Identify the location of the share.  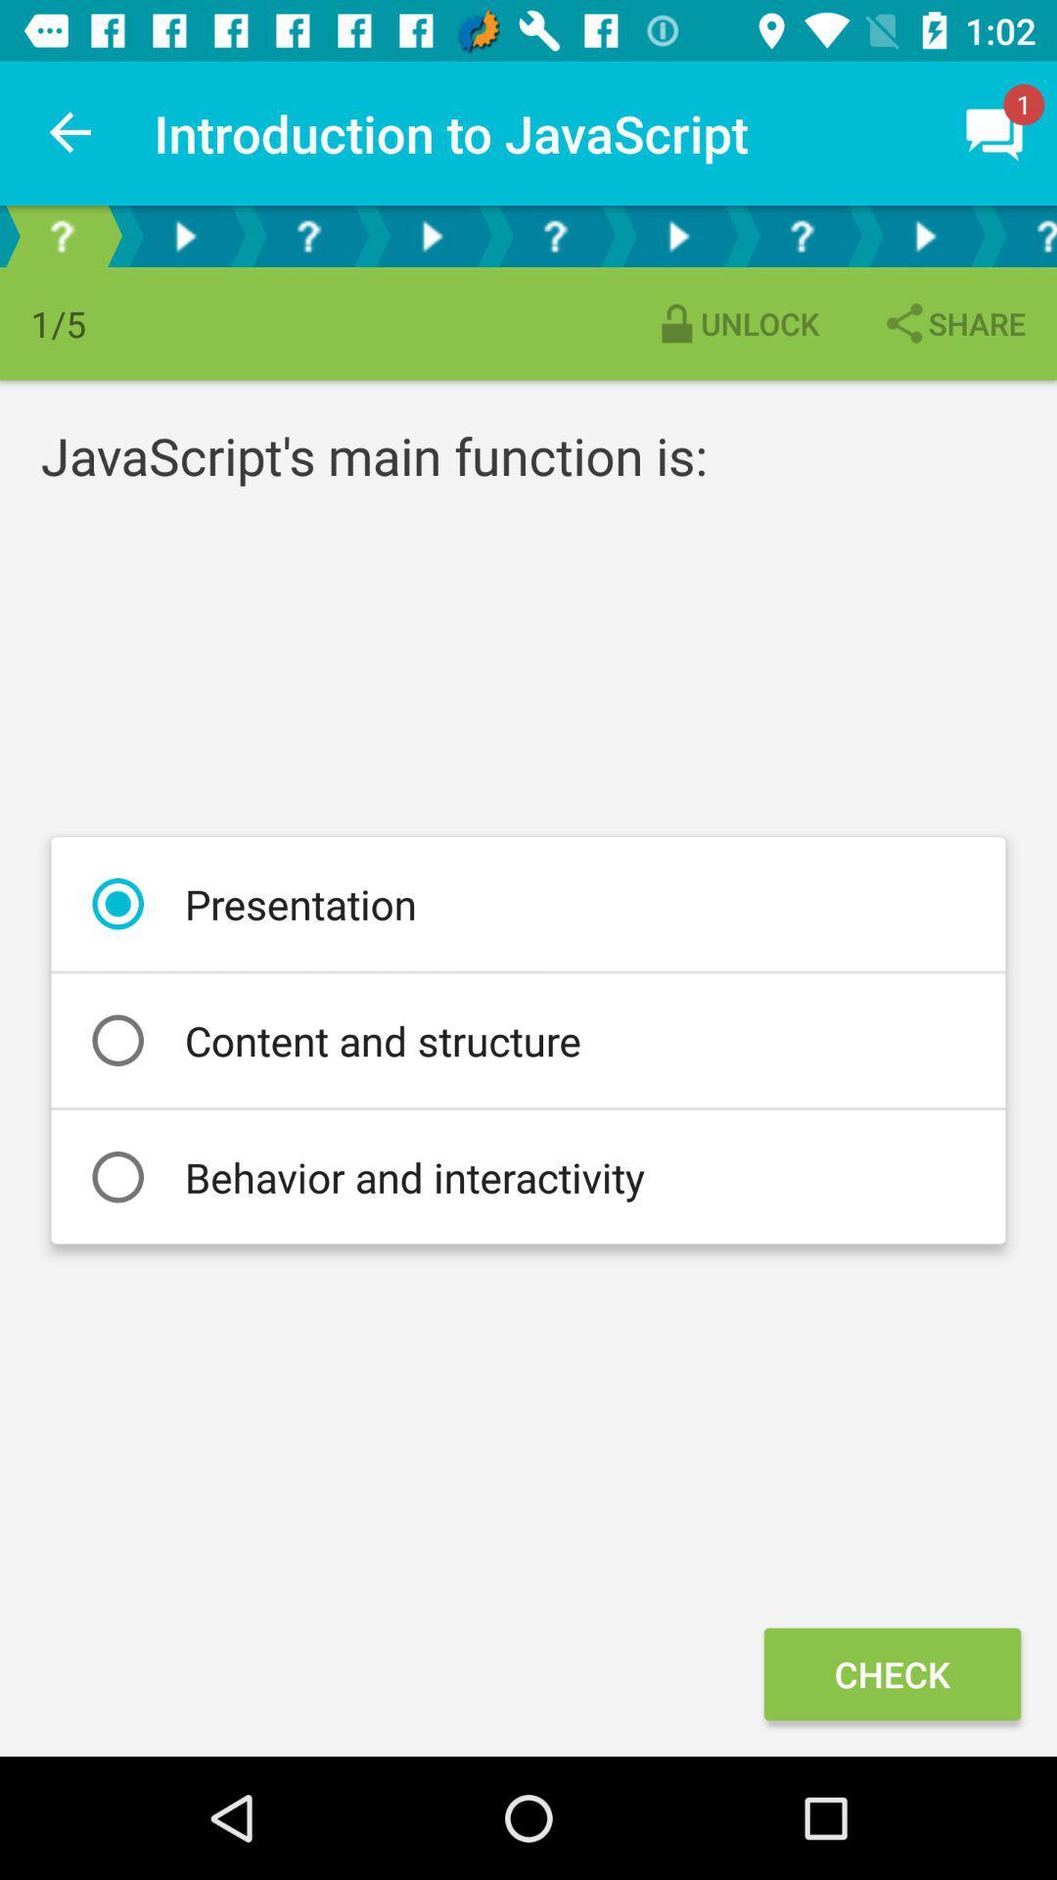
(952, 323).